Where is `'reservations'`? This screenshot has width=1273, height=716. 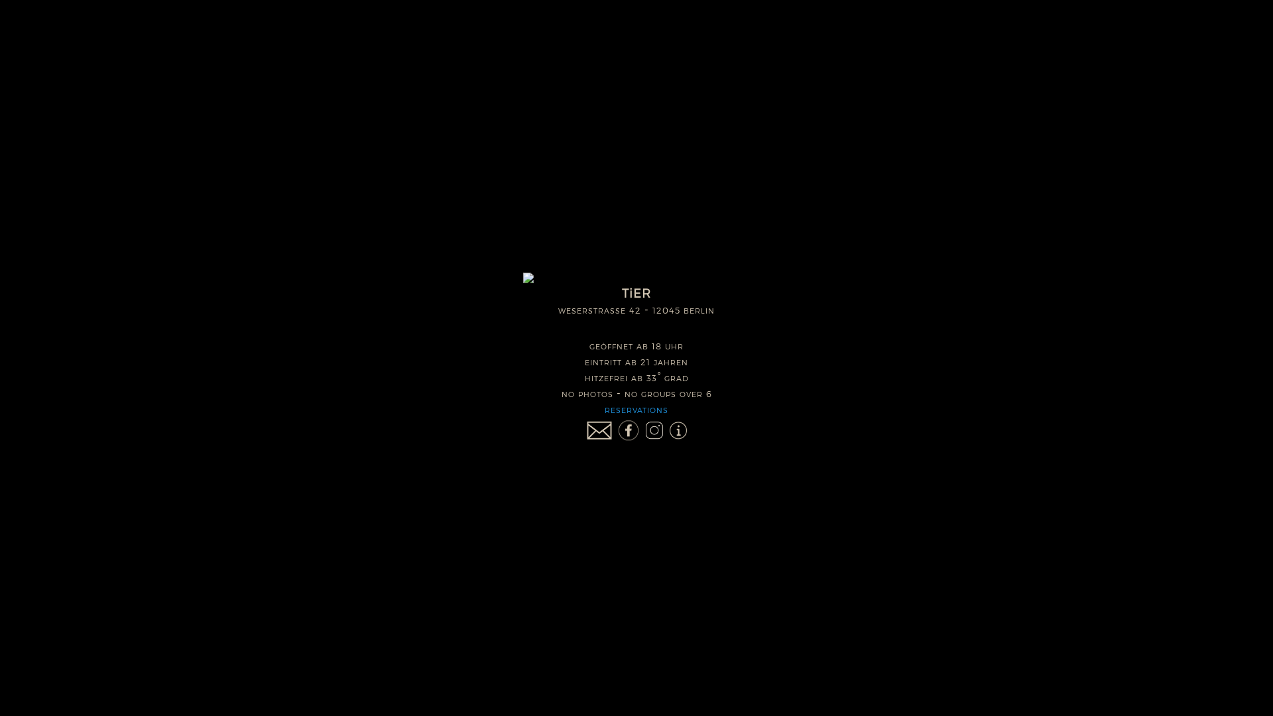
'reservations' is located at coordinates (636, 408).